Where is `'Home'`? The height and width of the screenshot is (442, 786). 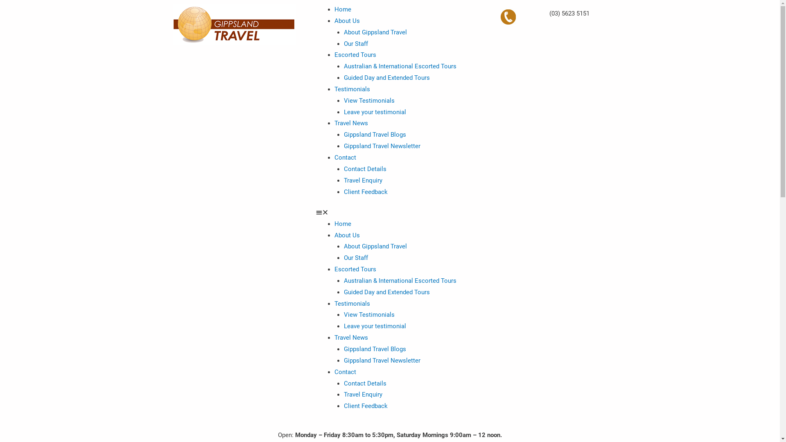
'Home' is located at coordinates (343, 9).